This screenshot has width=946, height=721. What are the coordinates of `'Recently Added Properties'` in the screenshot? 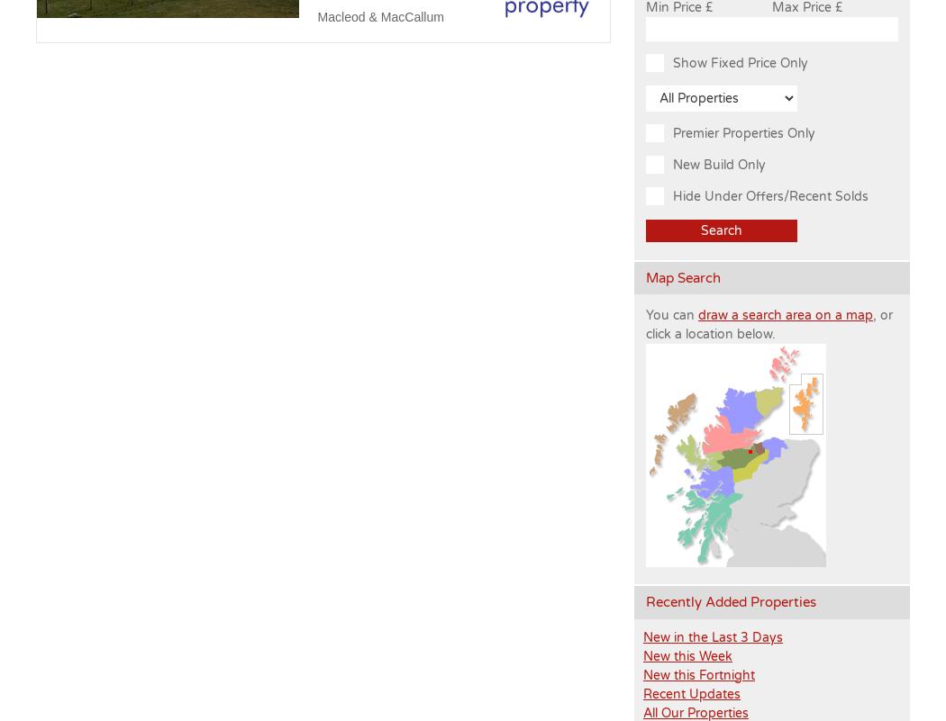 It's located at (645, 601).